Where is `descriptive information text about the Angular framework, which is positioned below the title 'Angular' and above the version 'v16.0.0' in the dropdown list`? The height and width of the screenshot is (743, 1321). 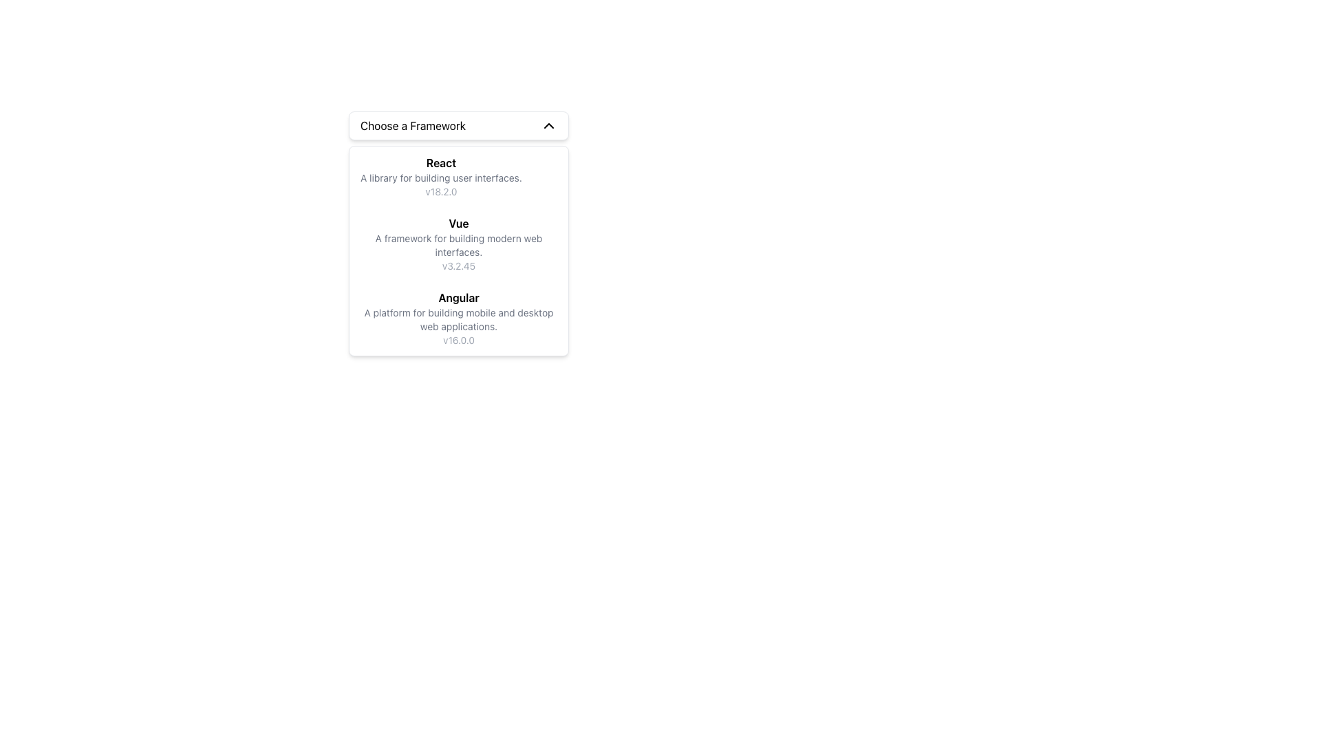 descriptive information text about the Angular framework, which is positioned below the title 'Angular' and above the version 'v16.0.0' in the dropdown list is located at coordinates (459, 320).